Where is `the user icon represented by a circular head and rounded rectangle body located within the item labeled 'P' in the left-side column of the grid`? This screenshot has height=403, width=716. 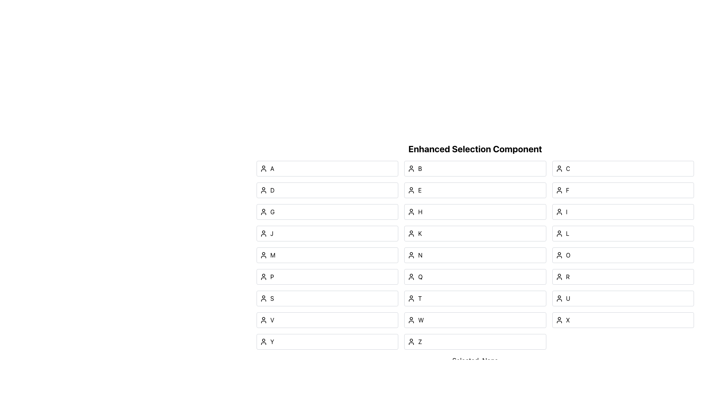
the user icon represented by a circular head and rounded rectangle body located within the item labeled 'P' in the left-side column of the grid is located at coordinates (263, 277).